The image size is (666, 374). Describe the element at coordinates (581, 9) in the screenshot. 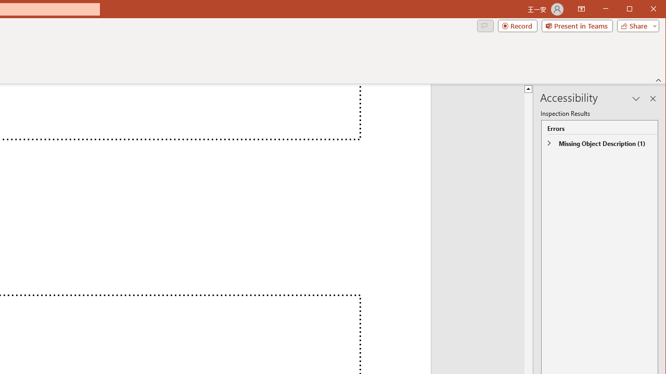

I see `'Ribbon Display Options'` at that location.